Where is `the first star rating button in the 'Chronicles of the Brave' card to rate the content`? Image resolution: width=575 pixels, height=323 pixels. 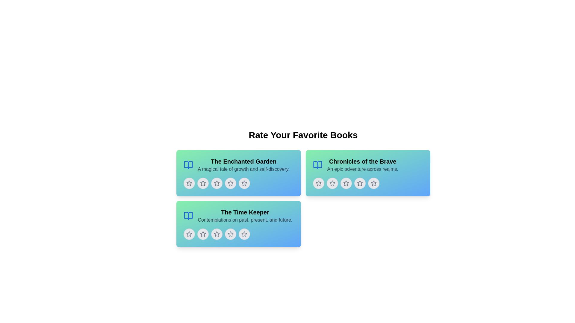
the first star rating button in the 'Chronicles of the Brave' card to rate the content is located at coordinates (318, 183).